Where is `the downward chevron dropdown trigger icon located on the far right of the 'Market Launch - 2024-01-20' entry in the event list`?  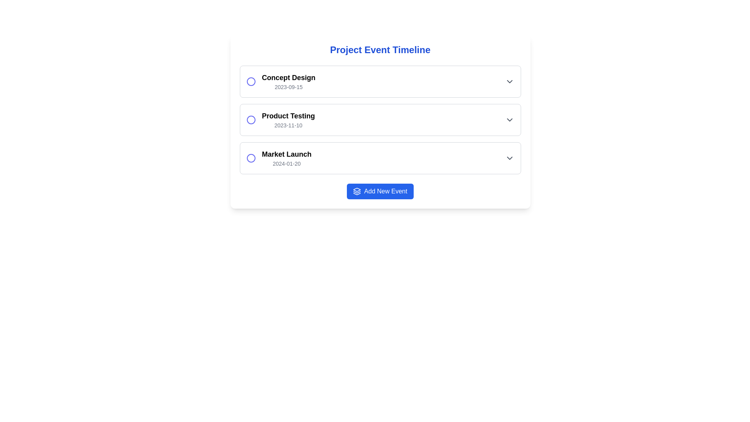 the downward chevron dropdown trigger icon located on the far right of the 'Market Launch - 2024-01-20' entry in the event list is located at coordinates (509, 158).